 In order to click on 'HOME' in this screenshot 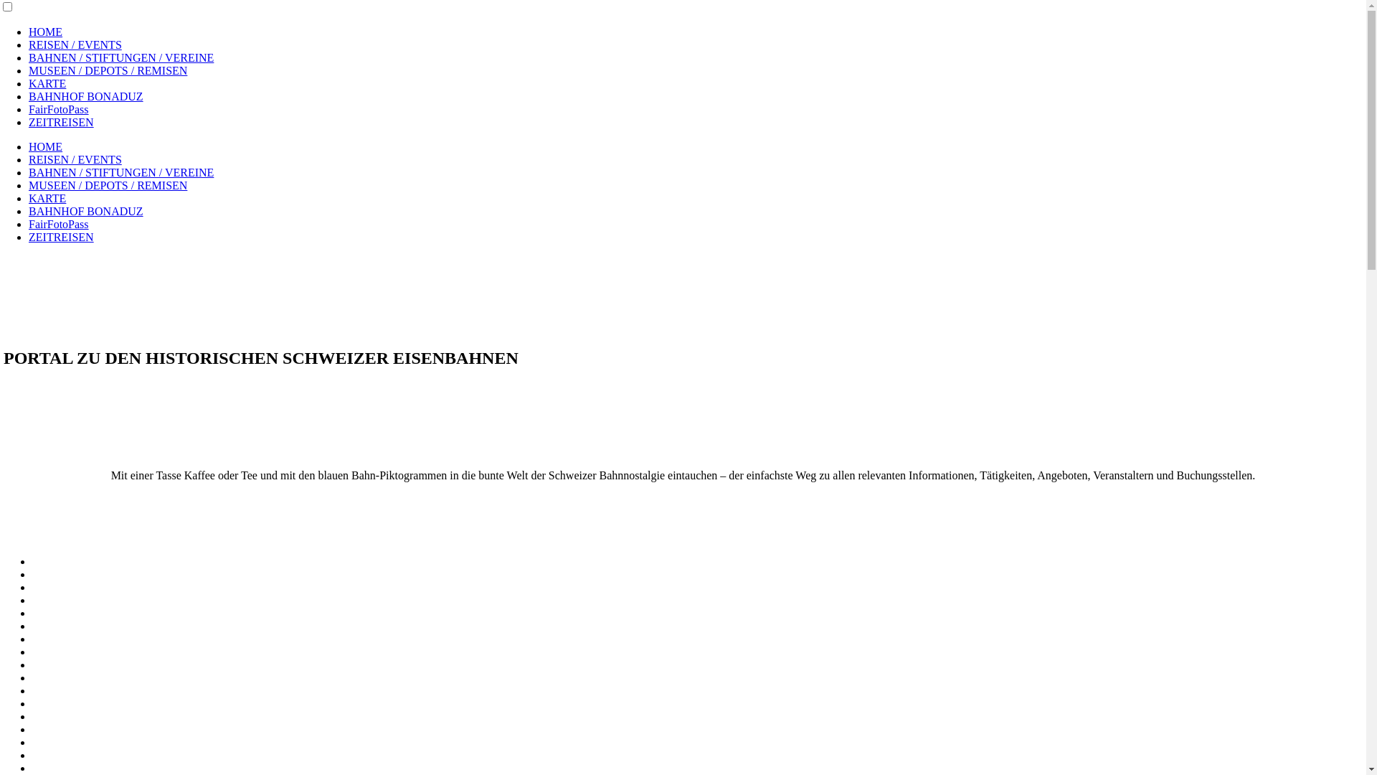, I will do `click(45, 32)`.